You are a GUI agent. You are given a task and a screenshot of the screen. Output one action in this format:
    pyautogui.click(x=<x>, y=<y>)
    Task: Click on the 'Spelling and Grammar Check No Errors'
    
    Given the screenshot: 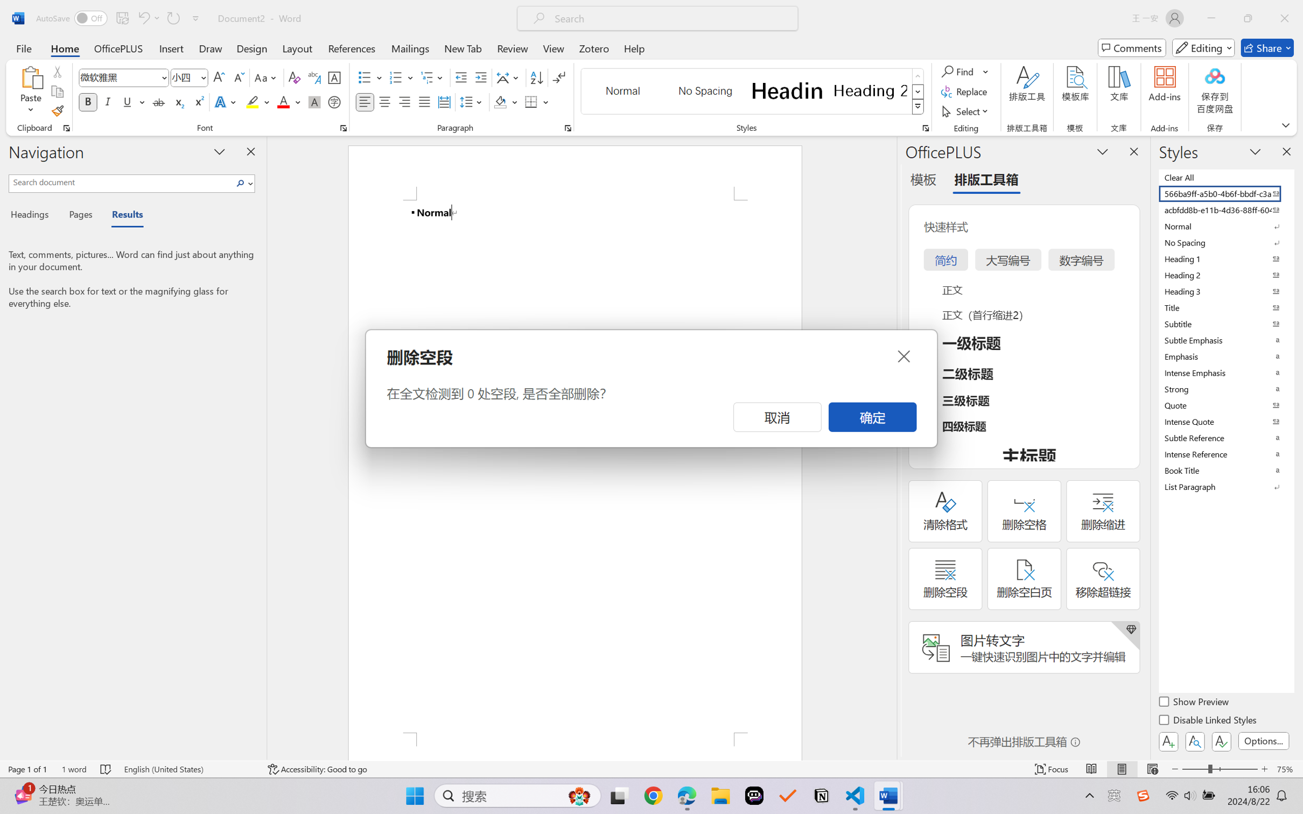 What is the action you would take?
    pyautogui.click(x=106, y=769)
    